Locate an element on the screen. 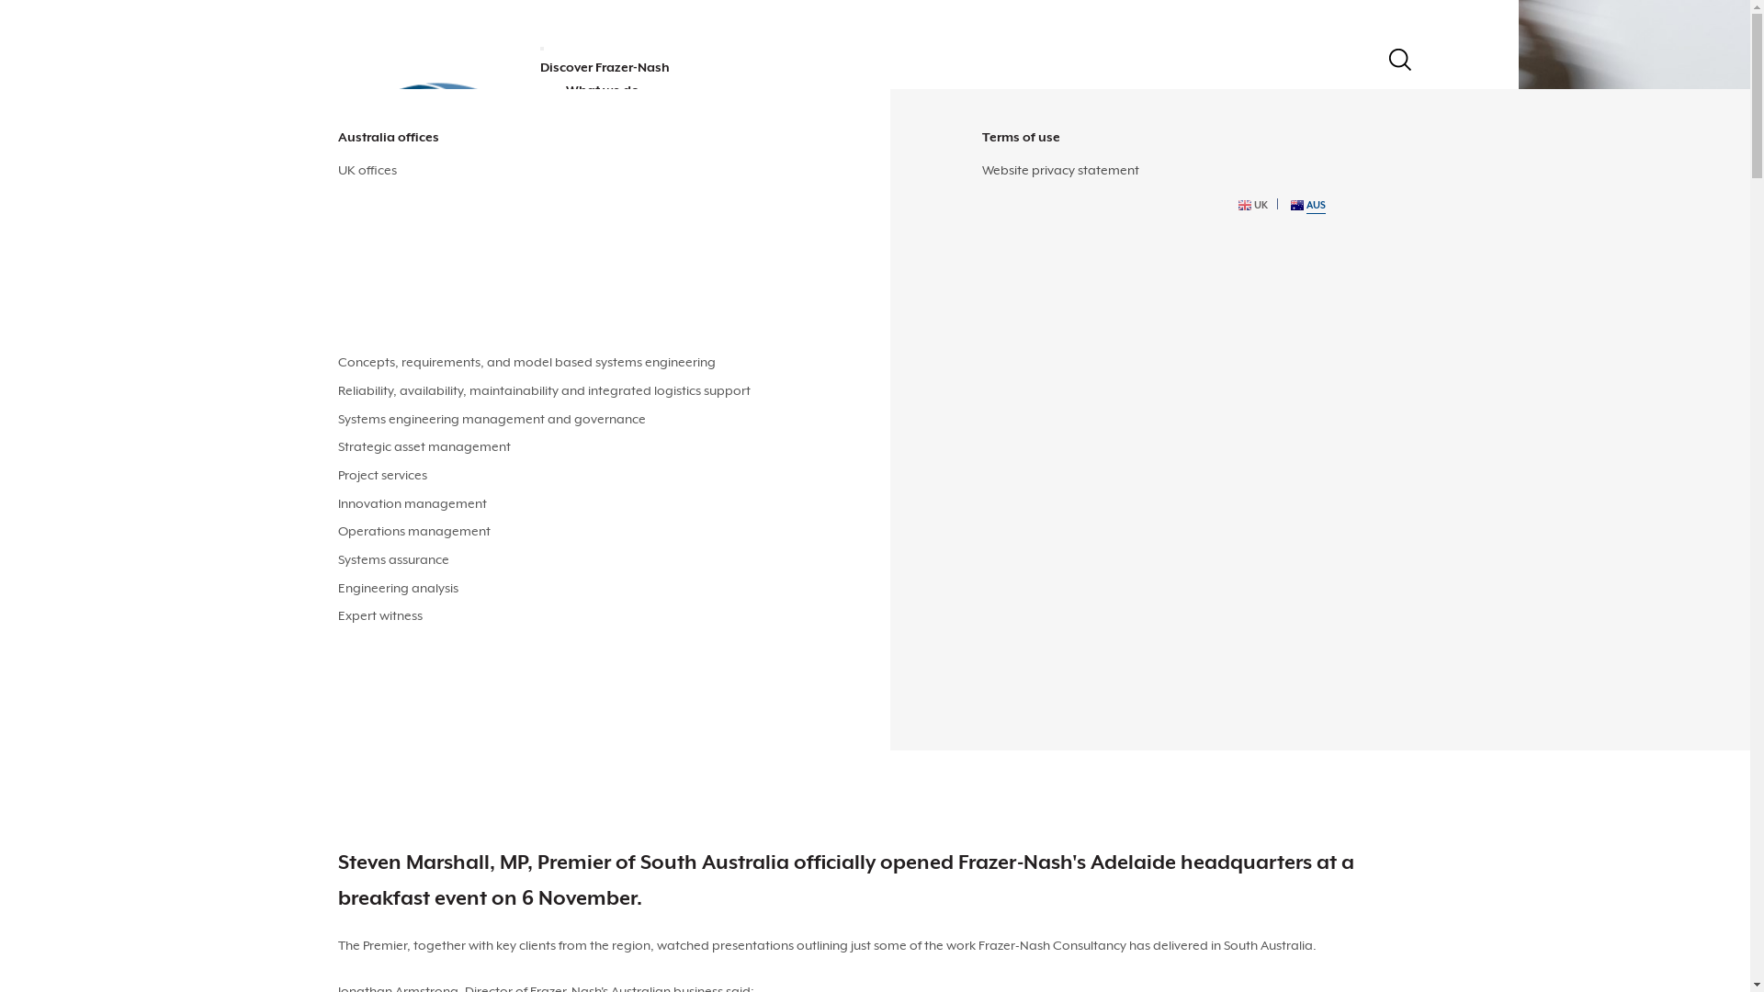  'Discover Frazer-Nash' is located at coordinates (605, 66).